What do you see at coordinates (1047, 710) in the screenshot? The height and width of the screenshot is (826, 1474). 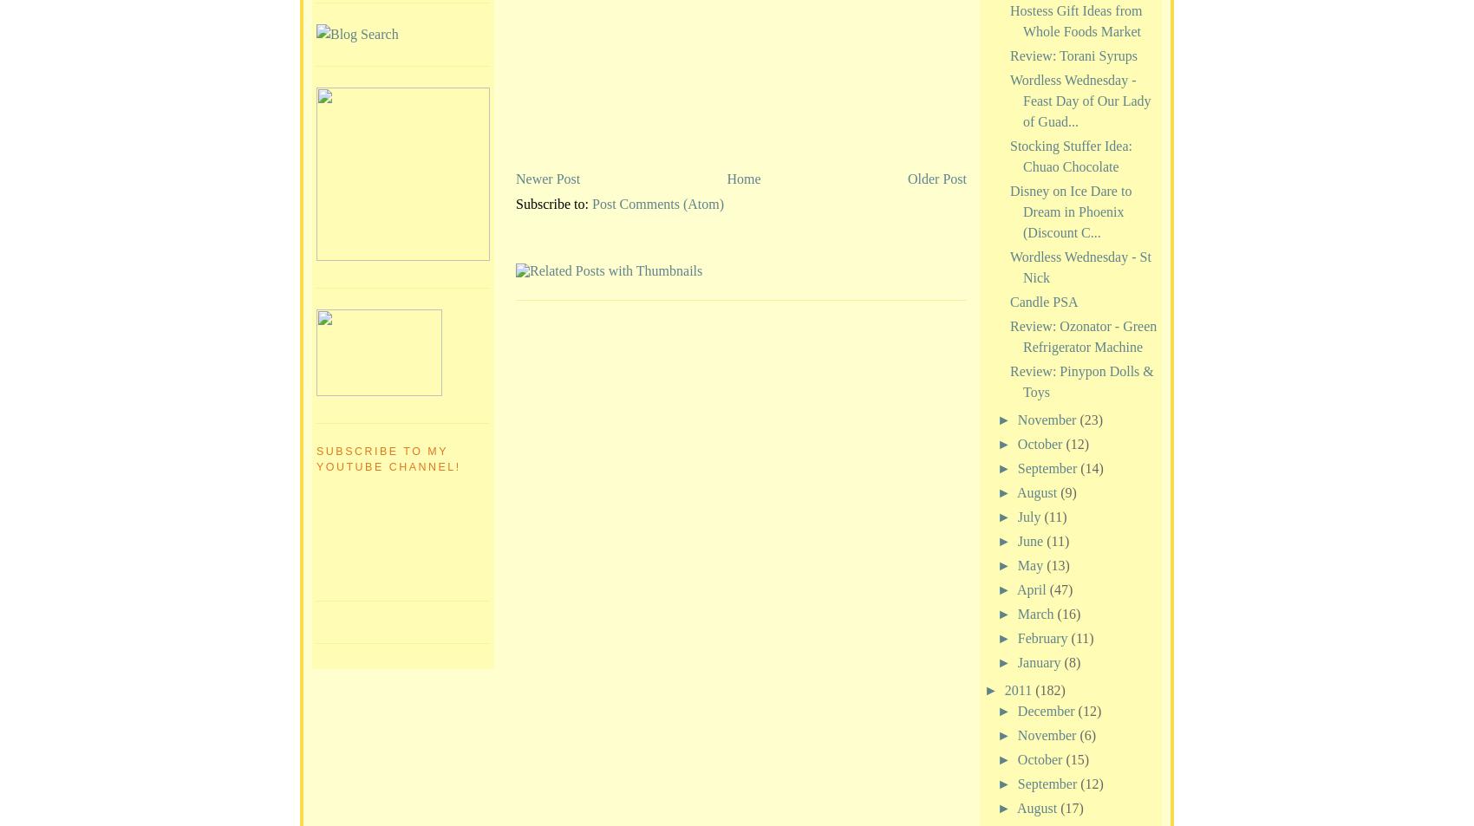 I see `'December'` at bounding box center [1047, 710].